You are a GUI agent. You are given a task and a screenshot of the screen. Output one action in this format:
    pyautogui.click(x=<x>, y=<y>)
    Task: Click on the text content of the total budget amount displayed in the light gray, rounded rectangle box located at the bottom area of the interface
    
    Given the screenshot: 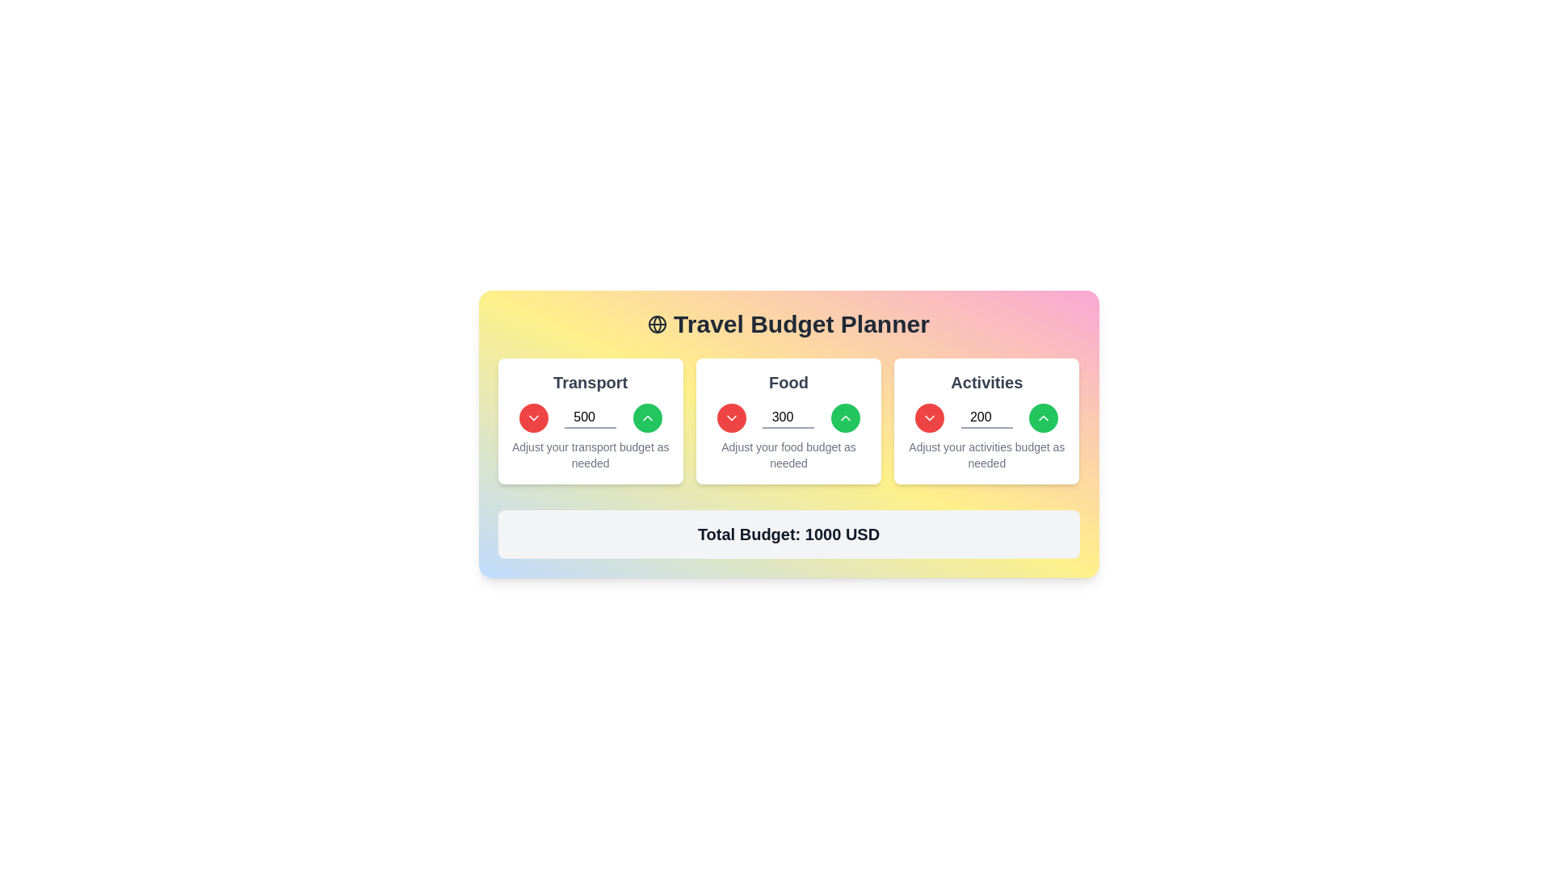 What is the action you would take?
    pyautogui.click(x=788, y=535)
    